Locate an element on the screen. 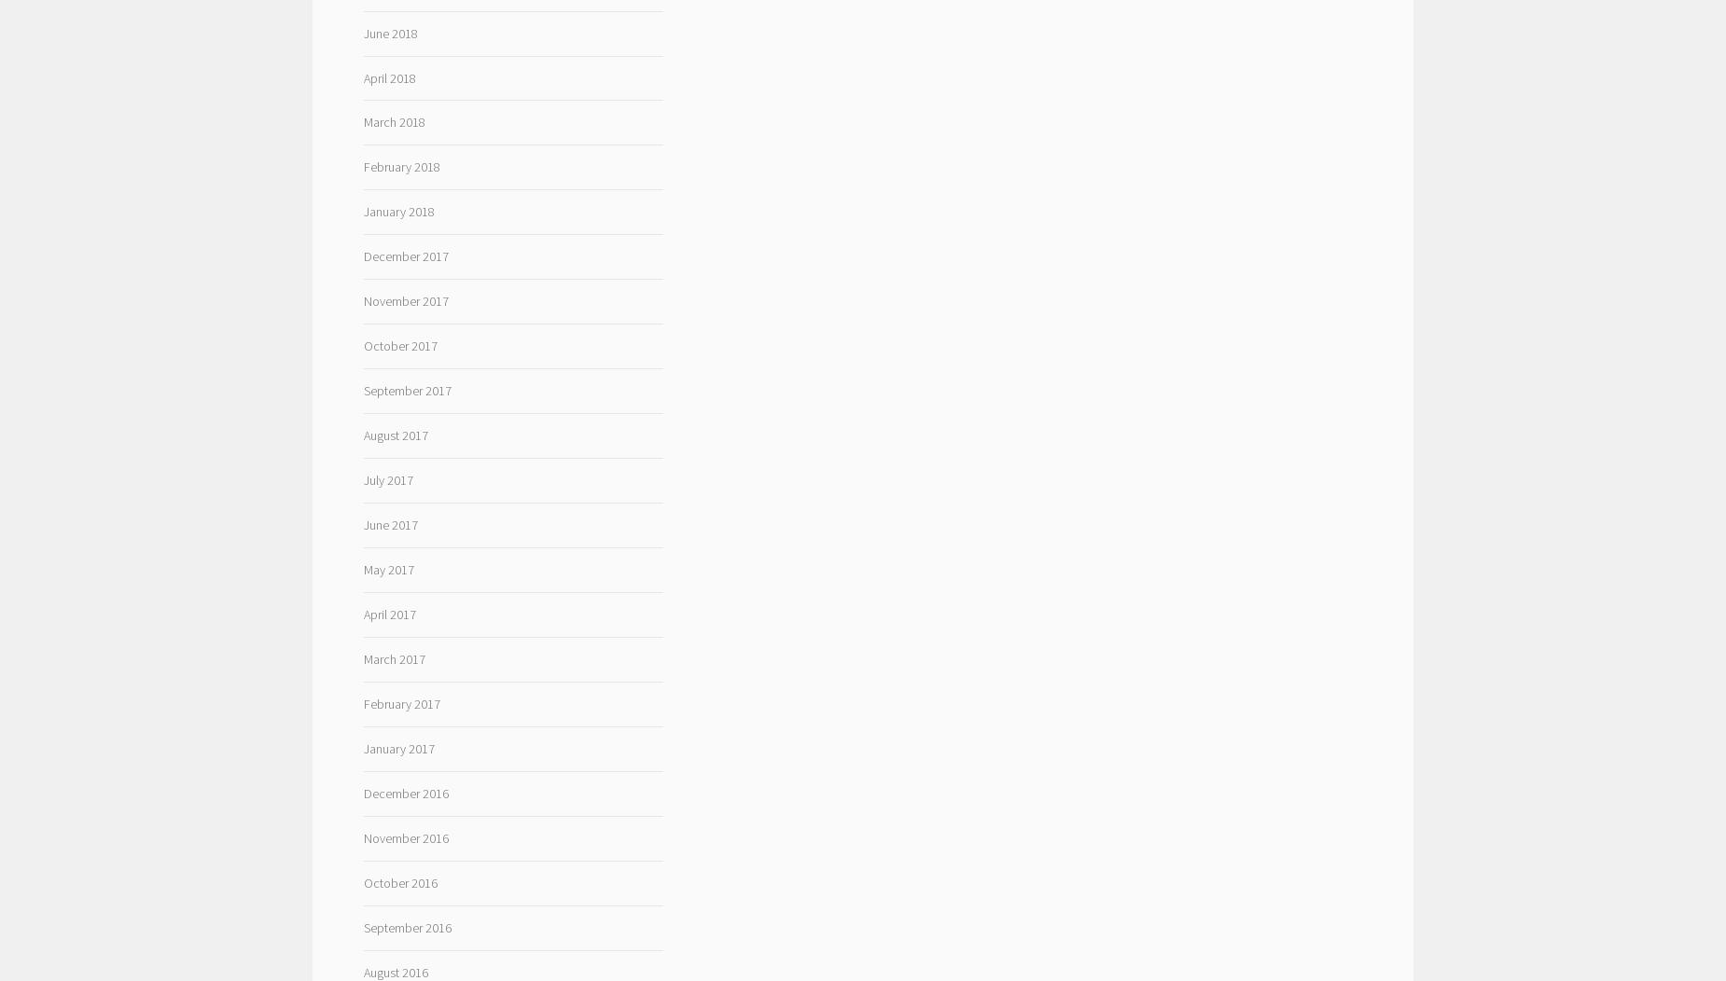 This screenshot has height=981, width=1726. 'March 2017' is located at coordinates (392, 659).